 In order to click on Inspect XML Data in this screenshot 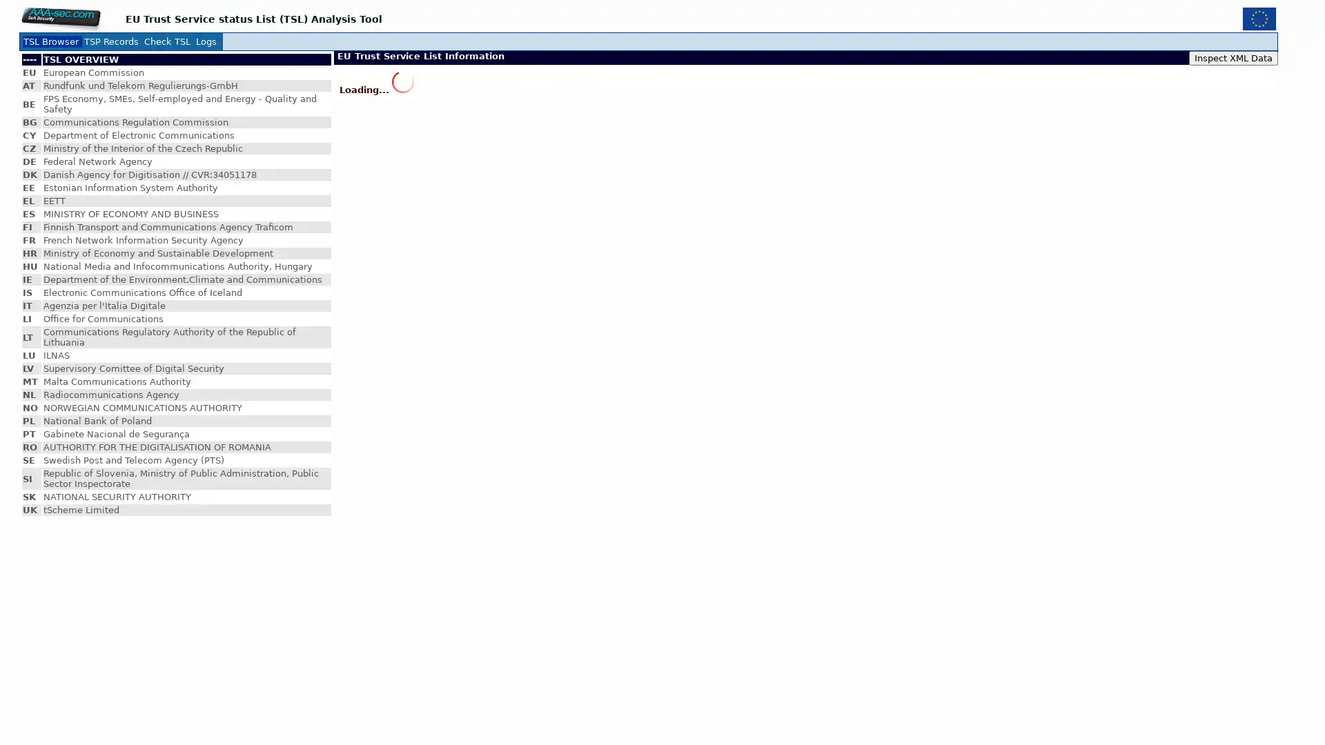, I will do `click(1233, 57)`.